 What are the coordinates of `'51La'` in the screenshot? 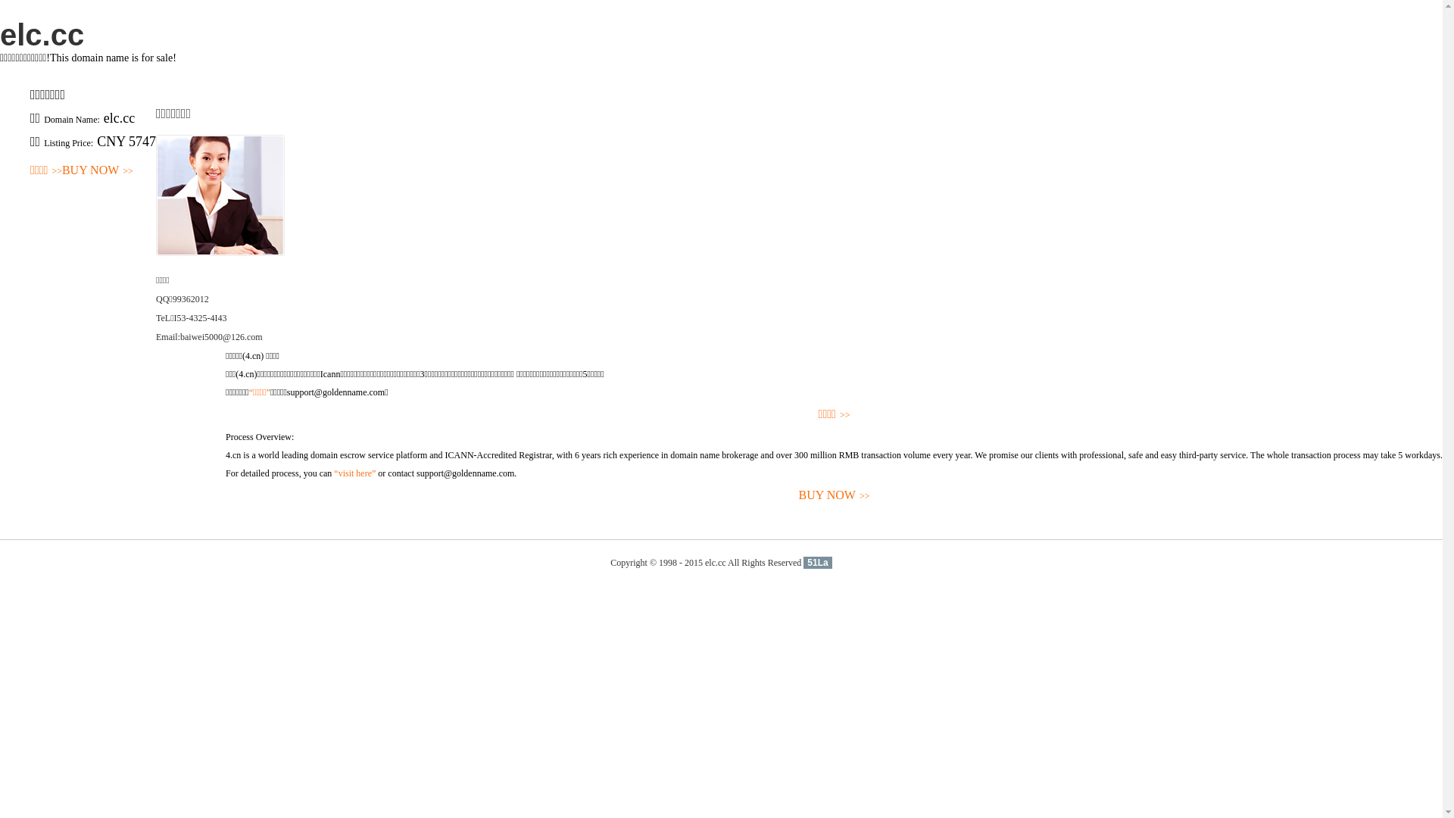 It's located at (816, 563).